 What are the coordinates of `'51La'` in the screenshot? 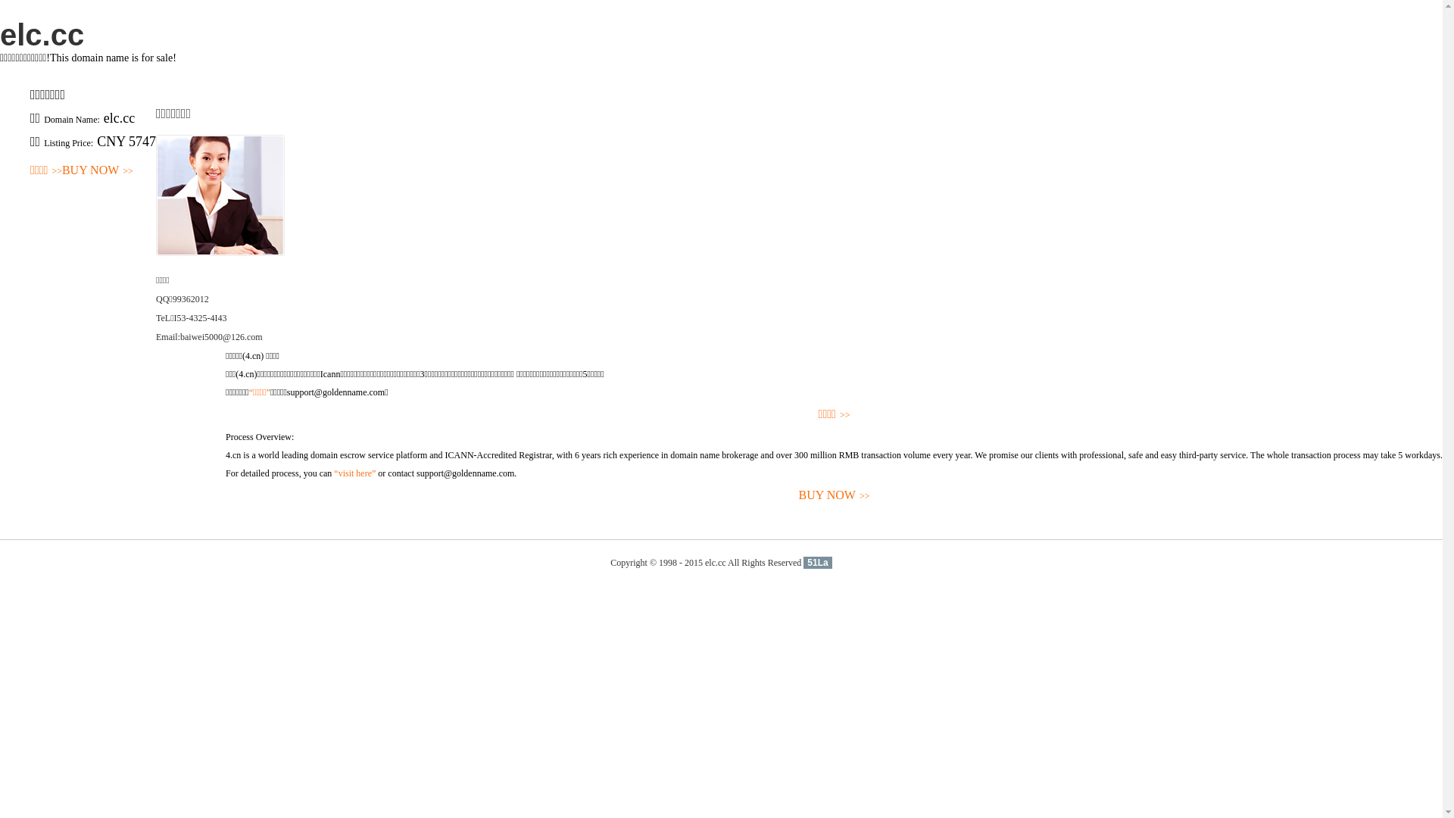 It's located at (816, 563).